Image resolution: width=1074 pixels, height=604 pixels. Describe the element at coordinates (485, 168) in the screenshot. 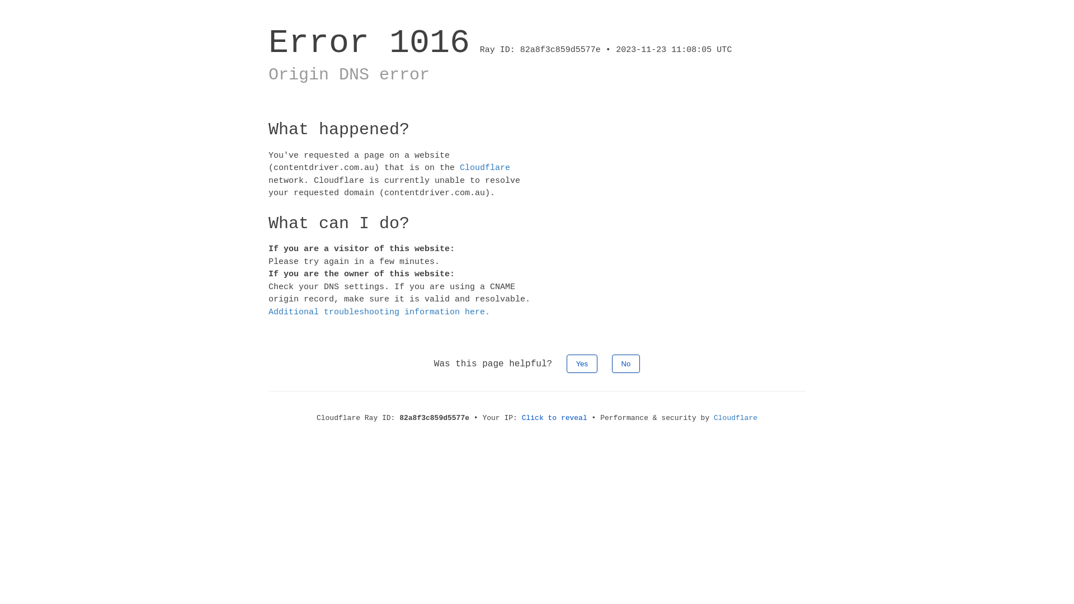

I see `'Cloudflare'` at that location.